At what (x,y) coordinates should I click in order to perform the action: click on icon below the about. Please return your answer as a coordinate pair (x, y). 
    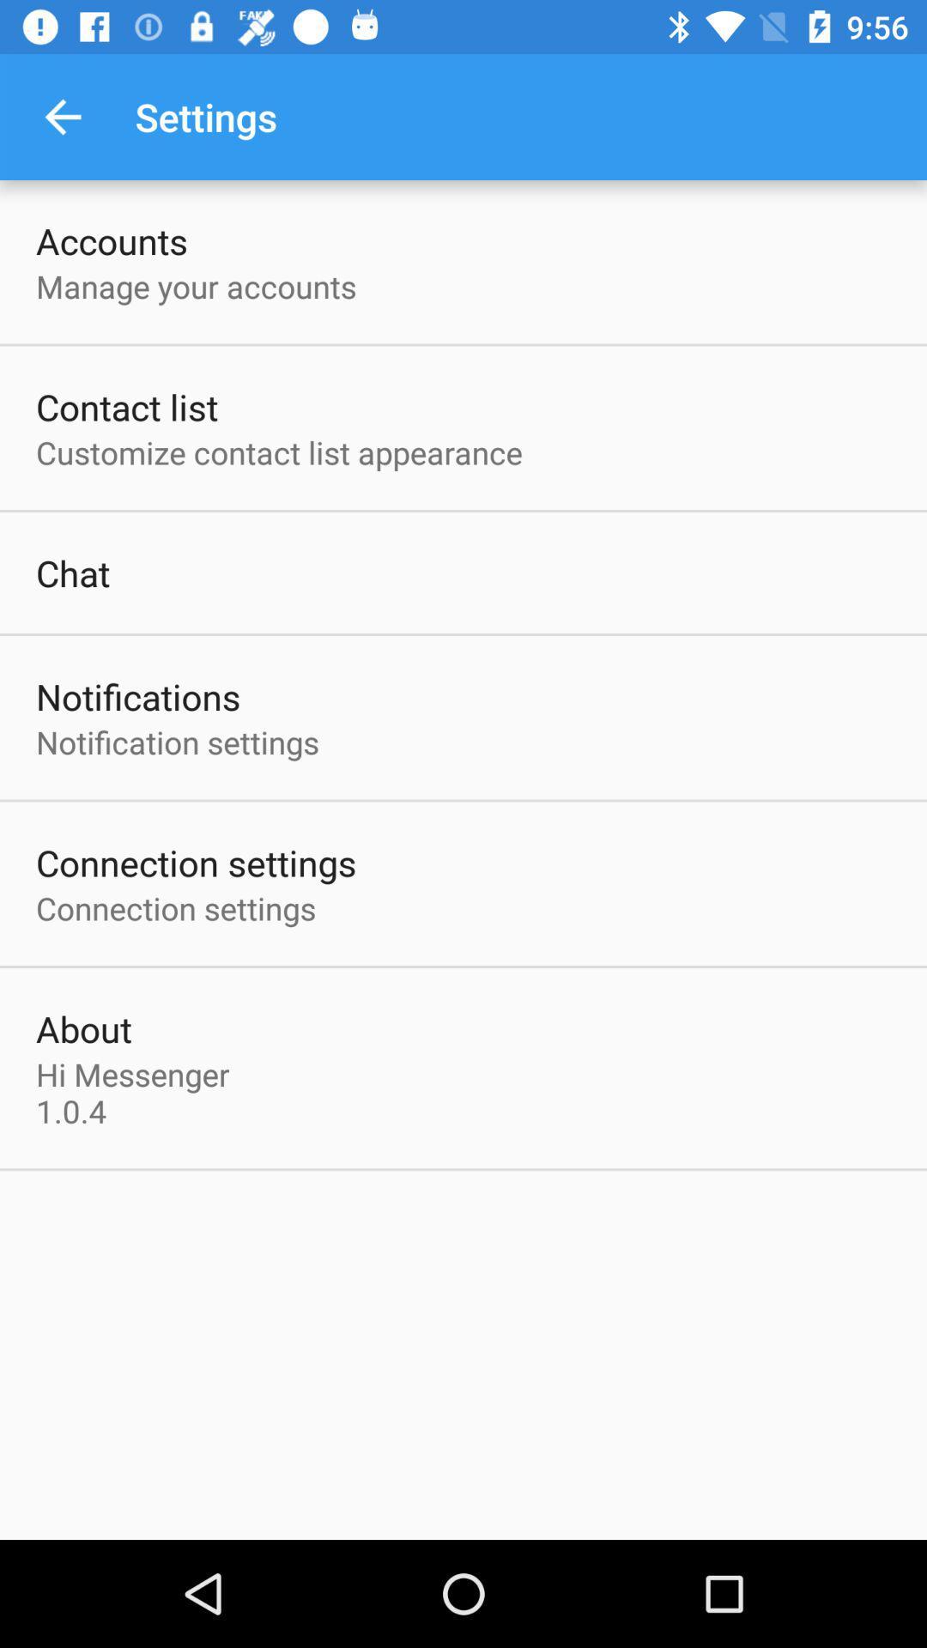
    Looking at the image, I should click on (136, 1092).